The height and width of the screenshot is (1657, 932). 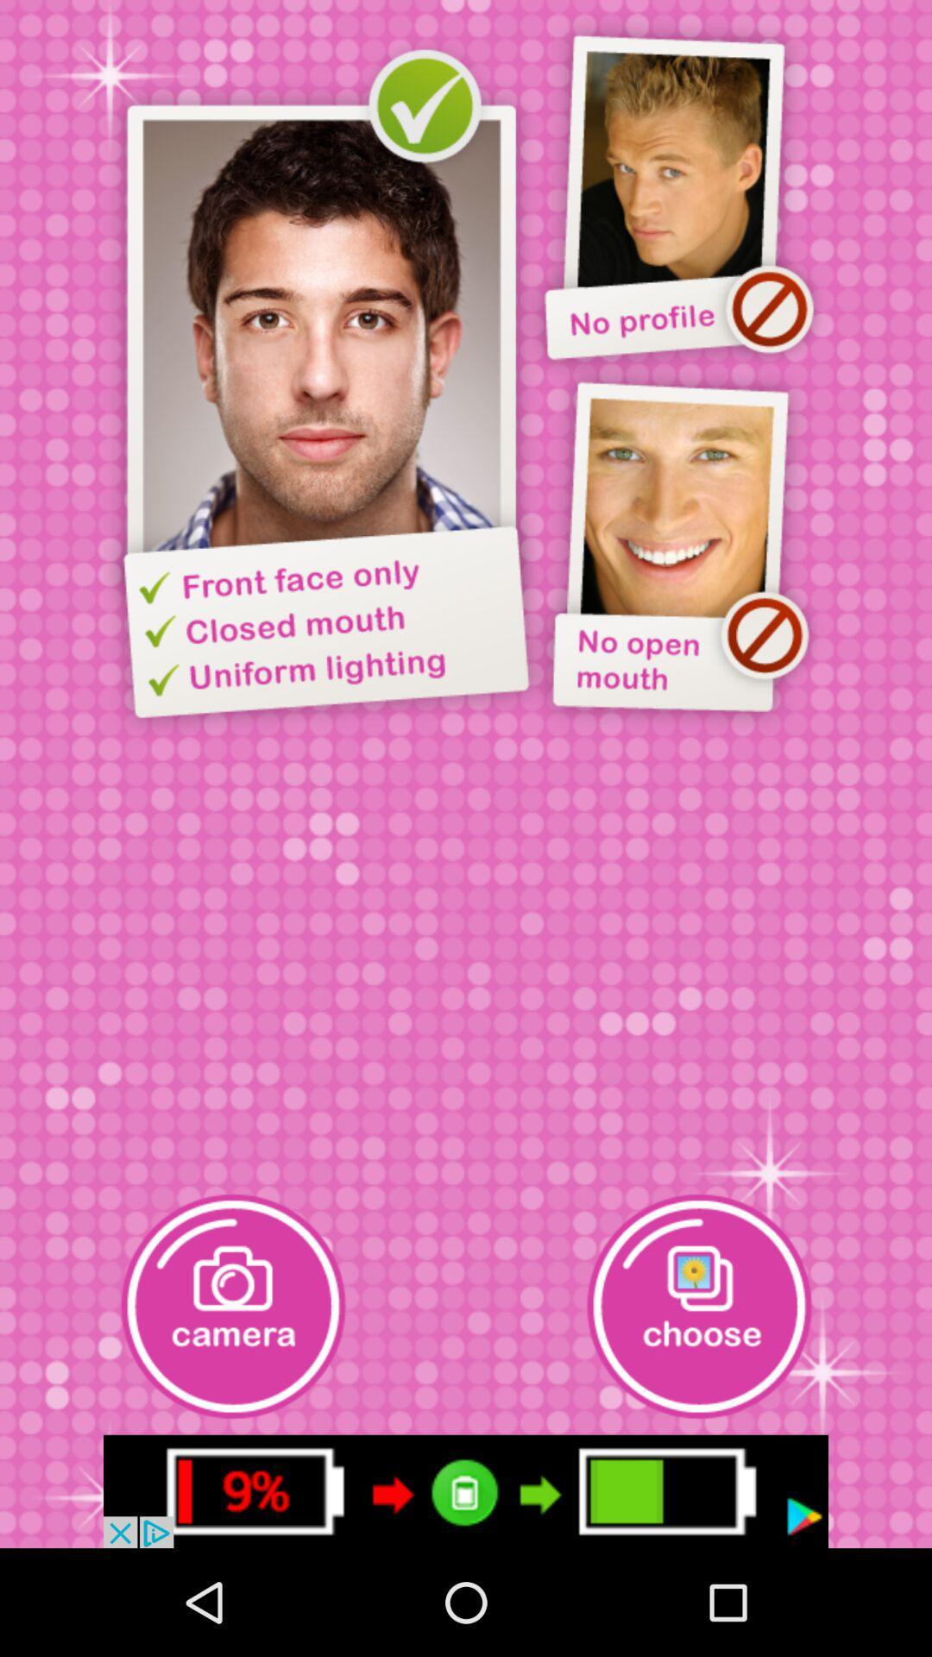 What do you see at coordinates (699, 1306) in the screenshot?
I see `choose` at bounding box center [699, 1306].